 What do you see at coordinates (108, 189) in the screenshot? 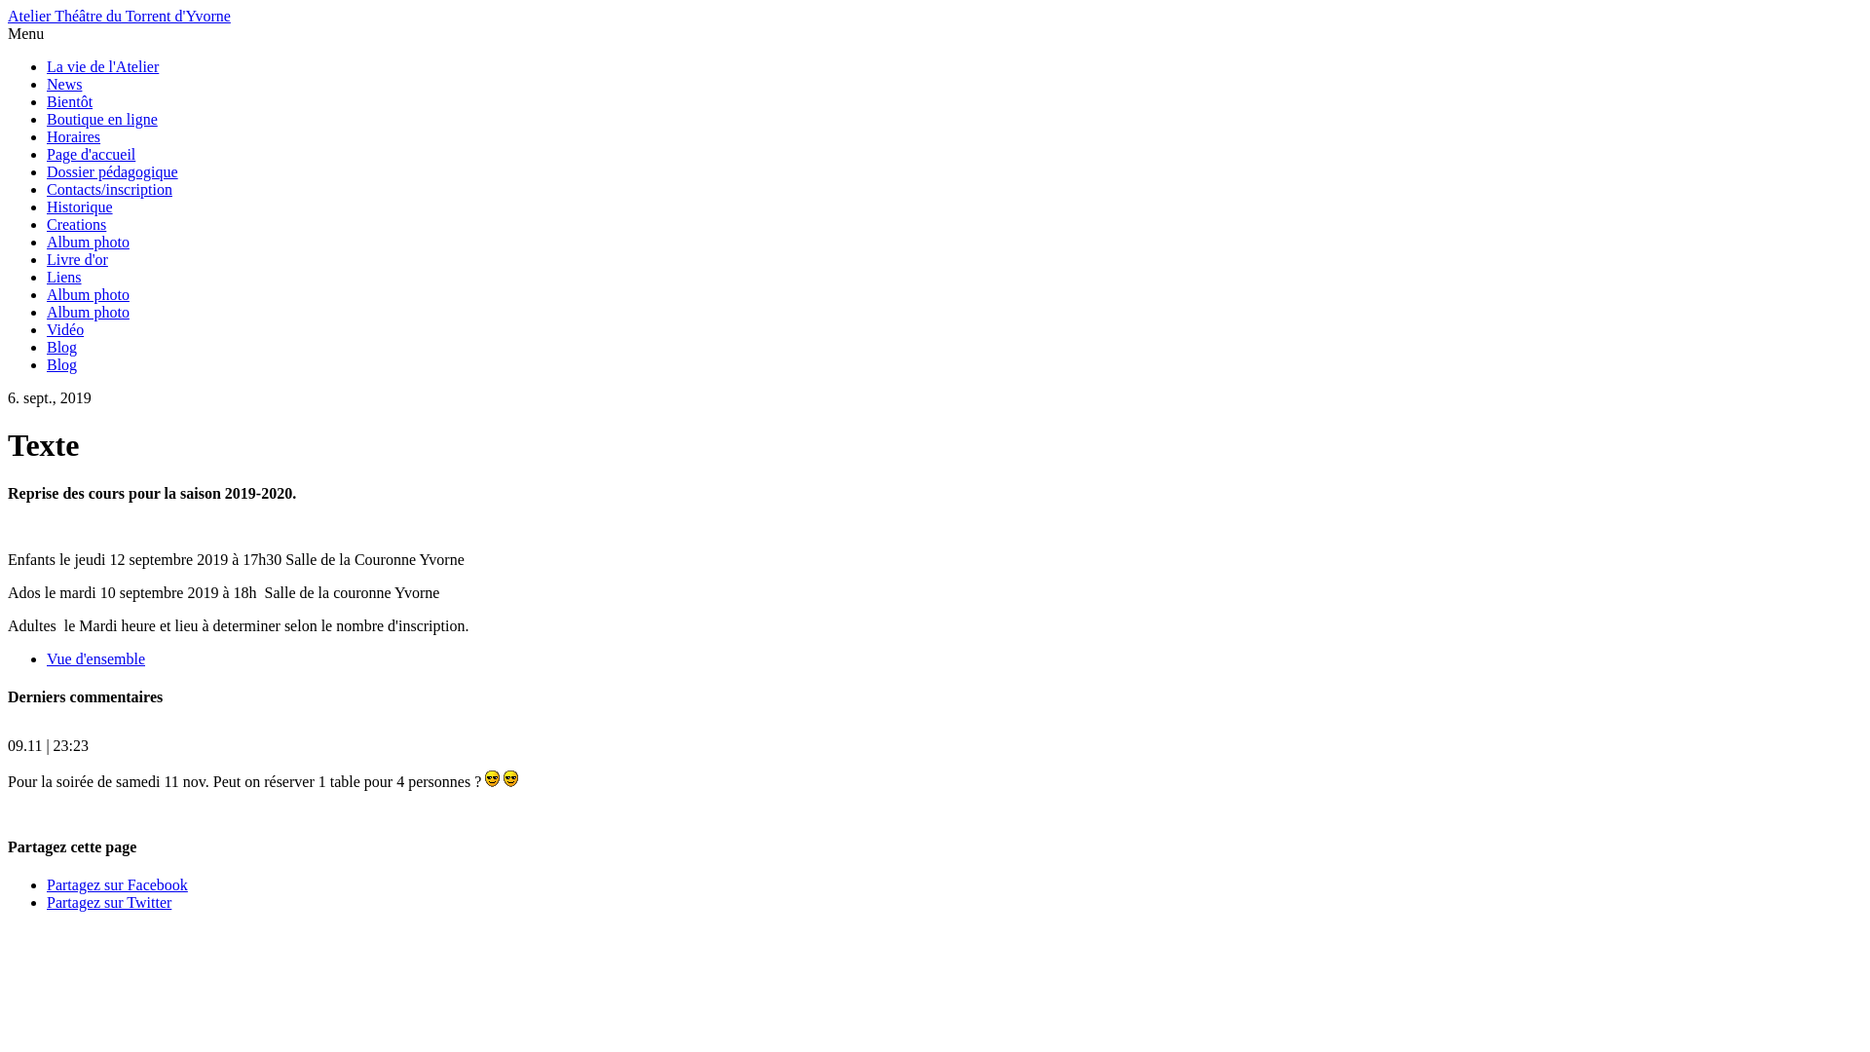
I see `'Contacts/inscription'` at bounding box center [108, 189].